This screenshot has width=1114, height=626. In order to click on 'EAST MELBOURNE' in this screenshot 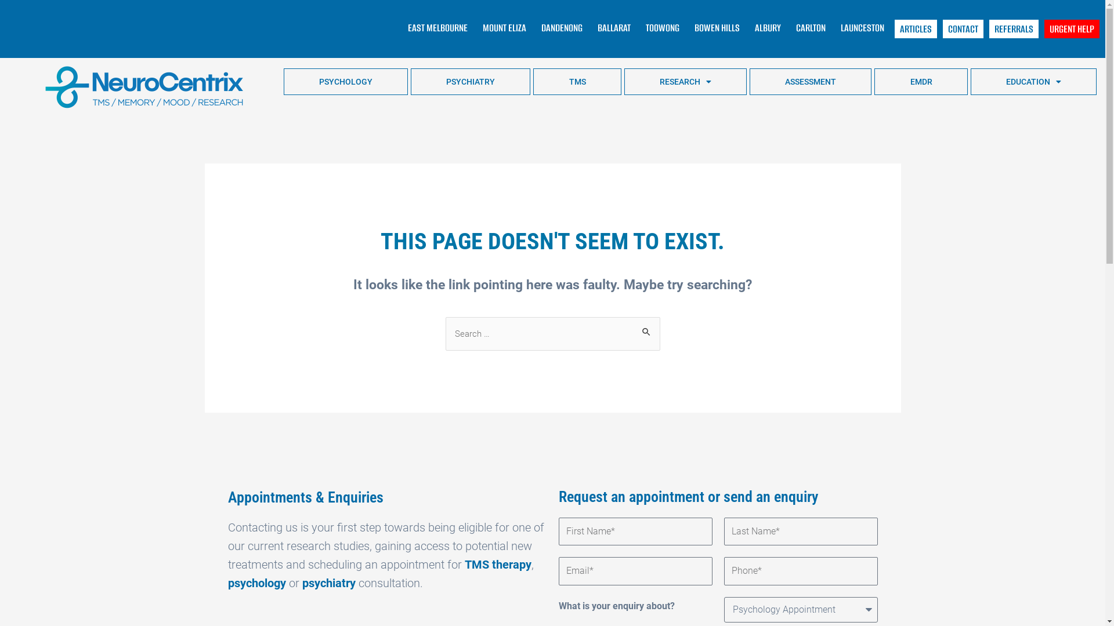, I will do `click(403, 27)`.